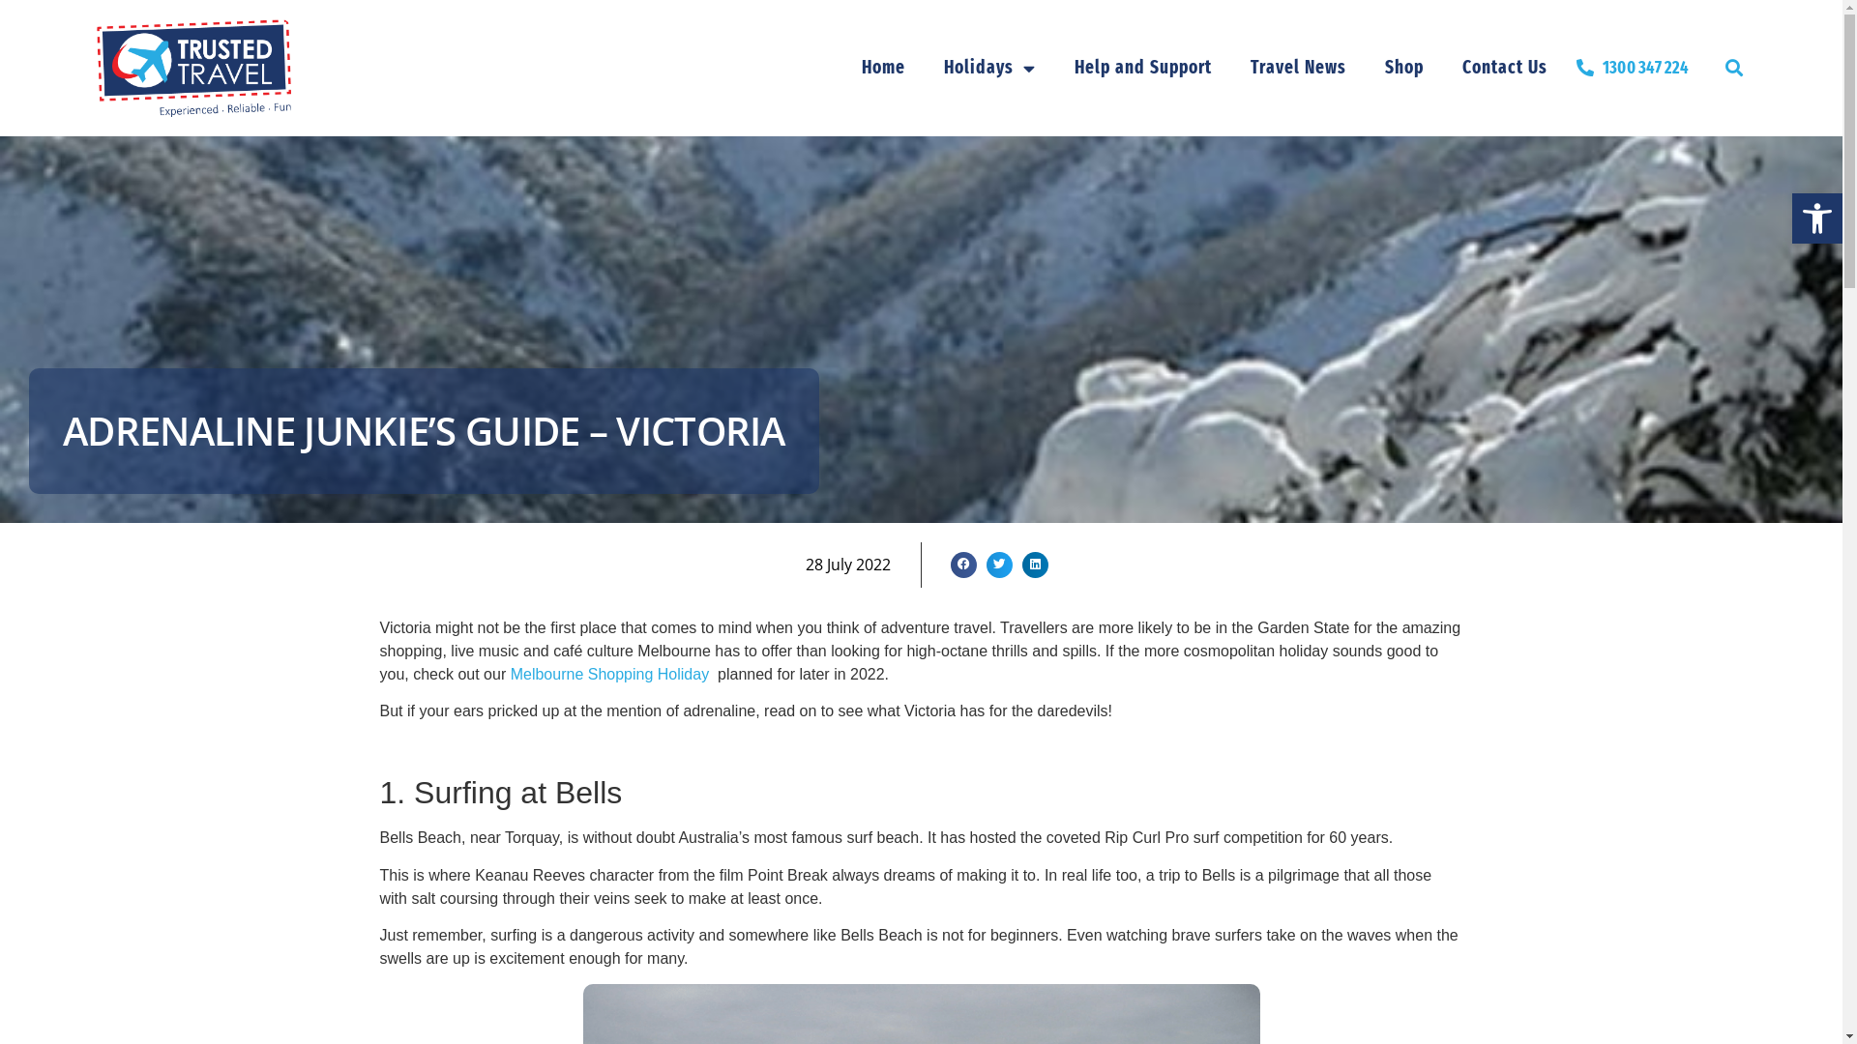 Image resolution: width=1857 pixels, height=1044 pixels. Describe the element at coordinates (1298, 66) in the screenshot. I see `'Travel News'` at that location.